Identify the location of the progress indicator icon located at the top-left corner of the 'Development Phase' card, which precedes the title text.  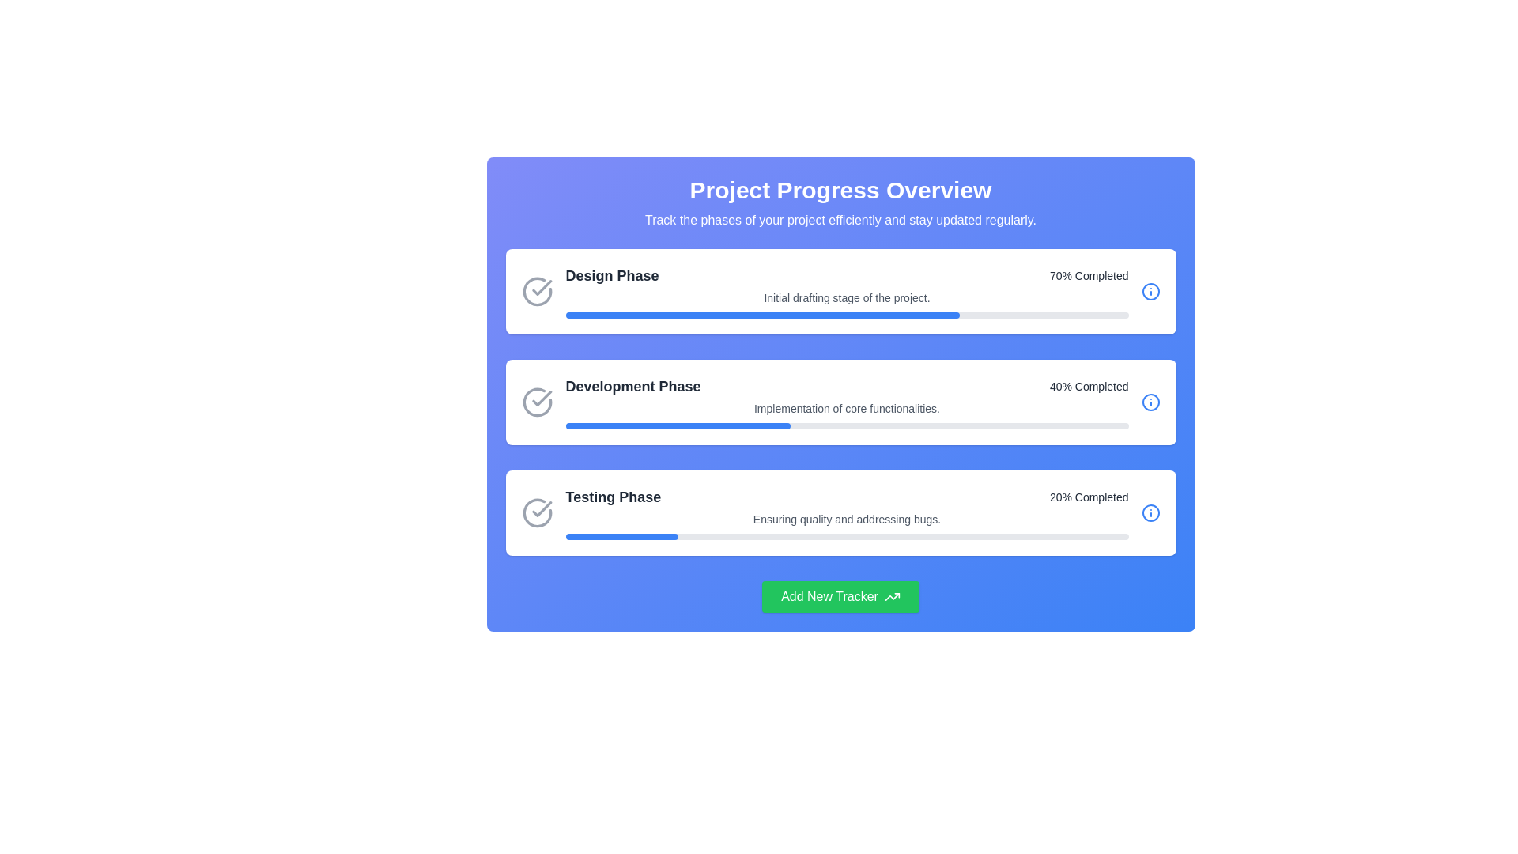
(537, 402).